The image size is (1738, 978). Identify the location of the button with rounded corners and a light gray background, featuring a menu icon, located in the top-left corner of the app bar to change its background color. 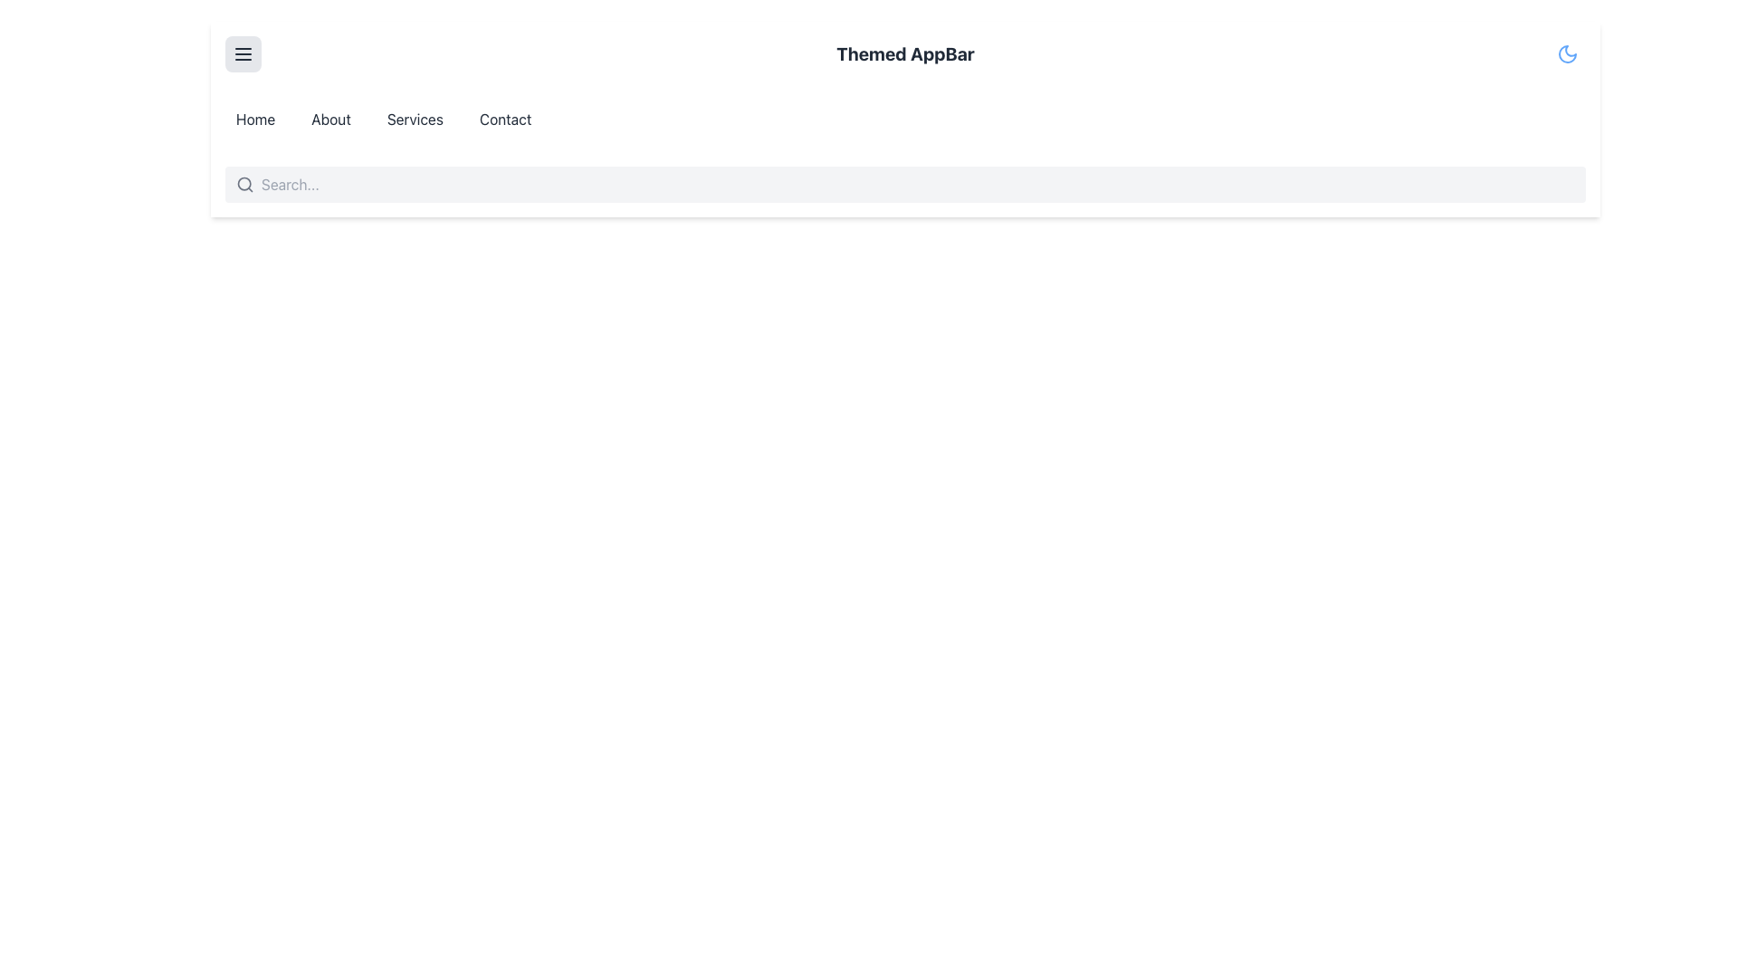
(242, 53).